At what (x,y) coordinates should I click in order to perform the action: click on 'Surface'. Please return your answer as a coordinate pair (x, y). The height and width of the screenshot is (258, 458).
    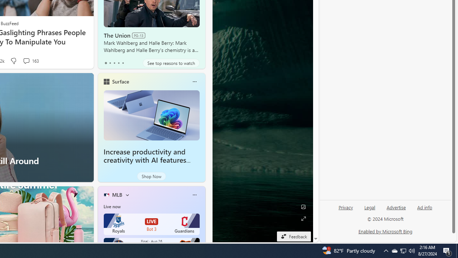
    Looking at the image, I should click on (121, 81).